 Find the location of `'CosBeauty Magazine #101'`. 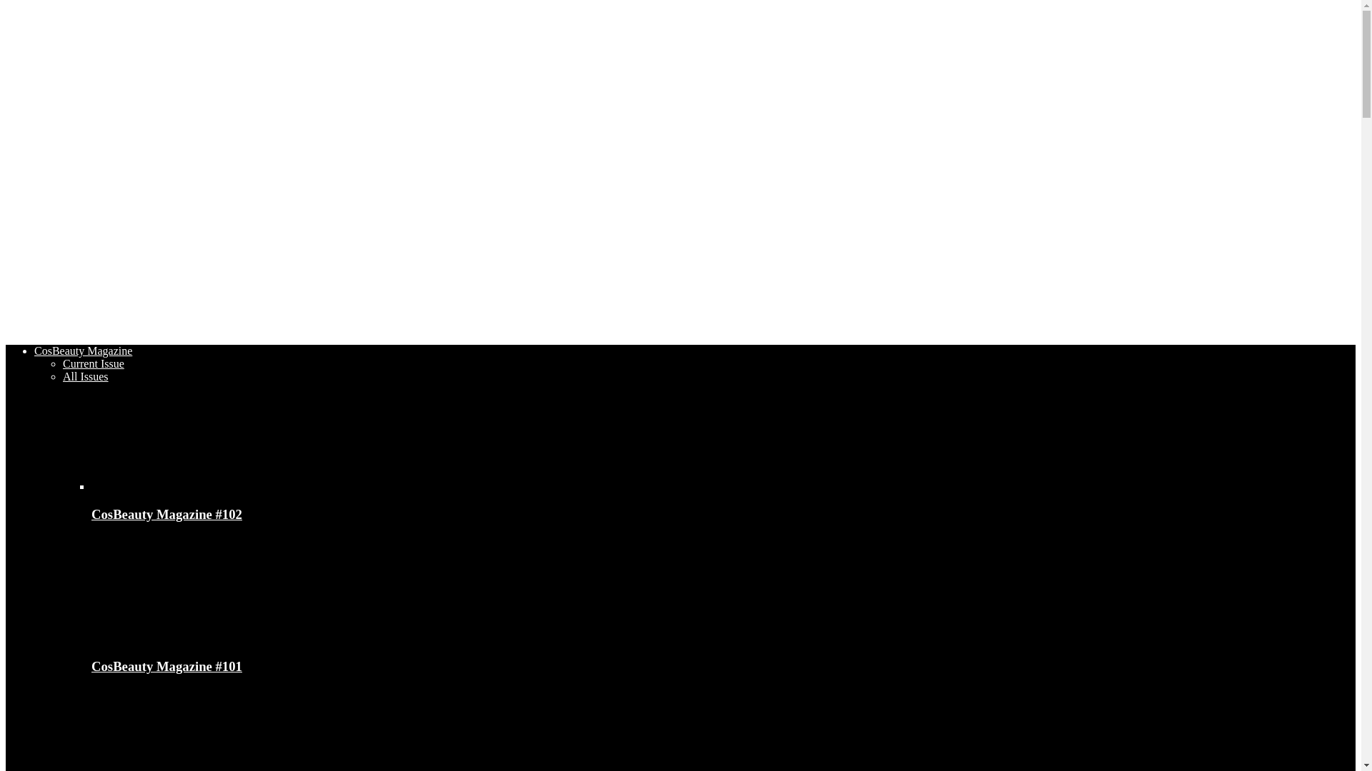

'CosBeauty Magazine #101' is located at coordinates (166, 666).